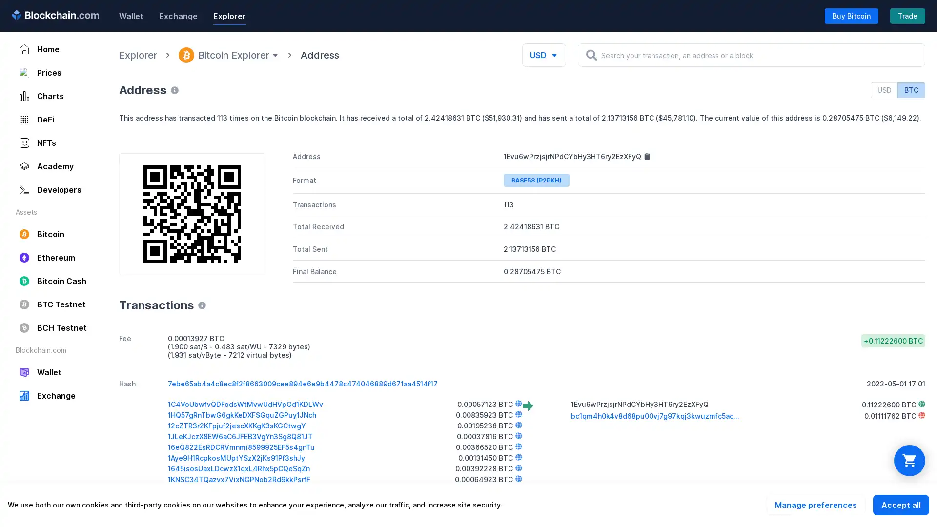 This screenshot has width=937, height=527. Describe the element at coordinates (851, 15) in the screenshot. I see `Buy Bitcoin` at that location.